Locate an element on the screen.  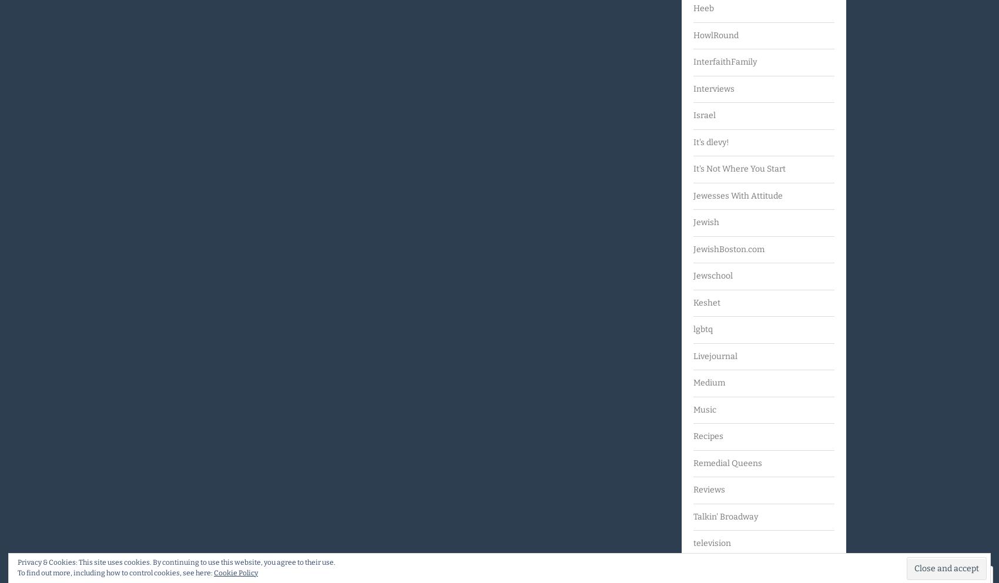
'Remedial Queens' is located at coordinates (727, 463).